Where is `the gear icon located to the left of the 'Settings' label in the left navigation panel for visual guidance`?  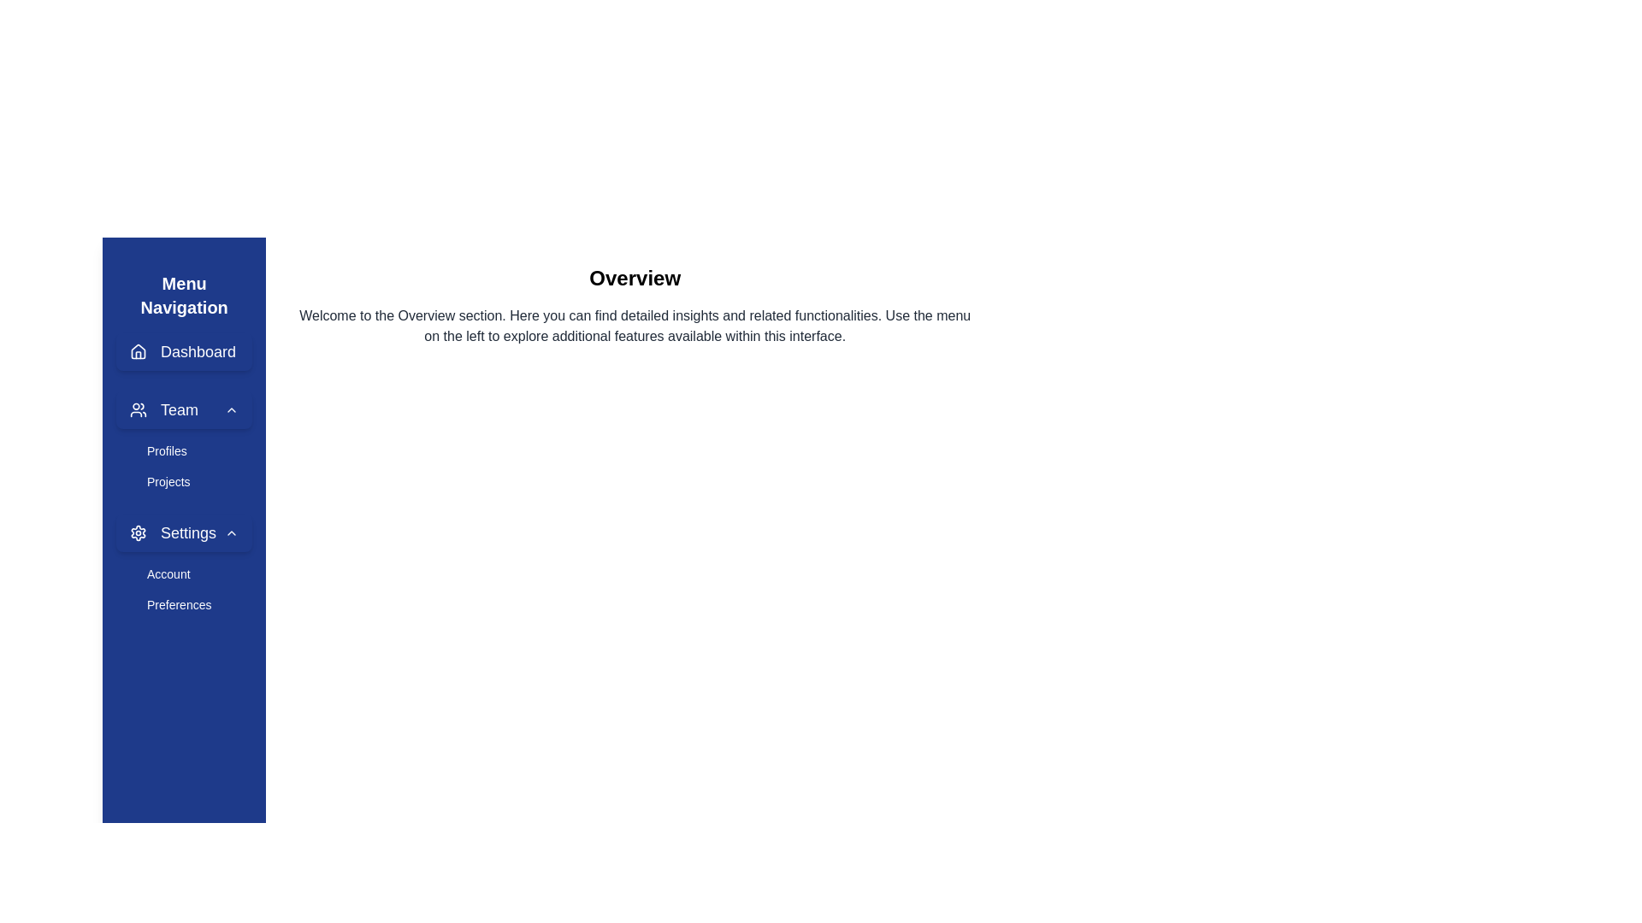
the gear icon located to the left of the 'Settings' label in the left navigation panel for visual guidance is located at coordinates (139, 532).